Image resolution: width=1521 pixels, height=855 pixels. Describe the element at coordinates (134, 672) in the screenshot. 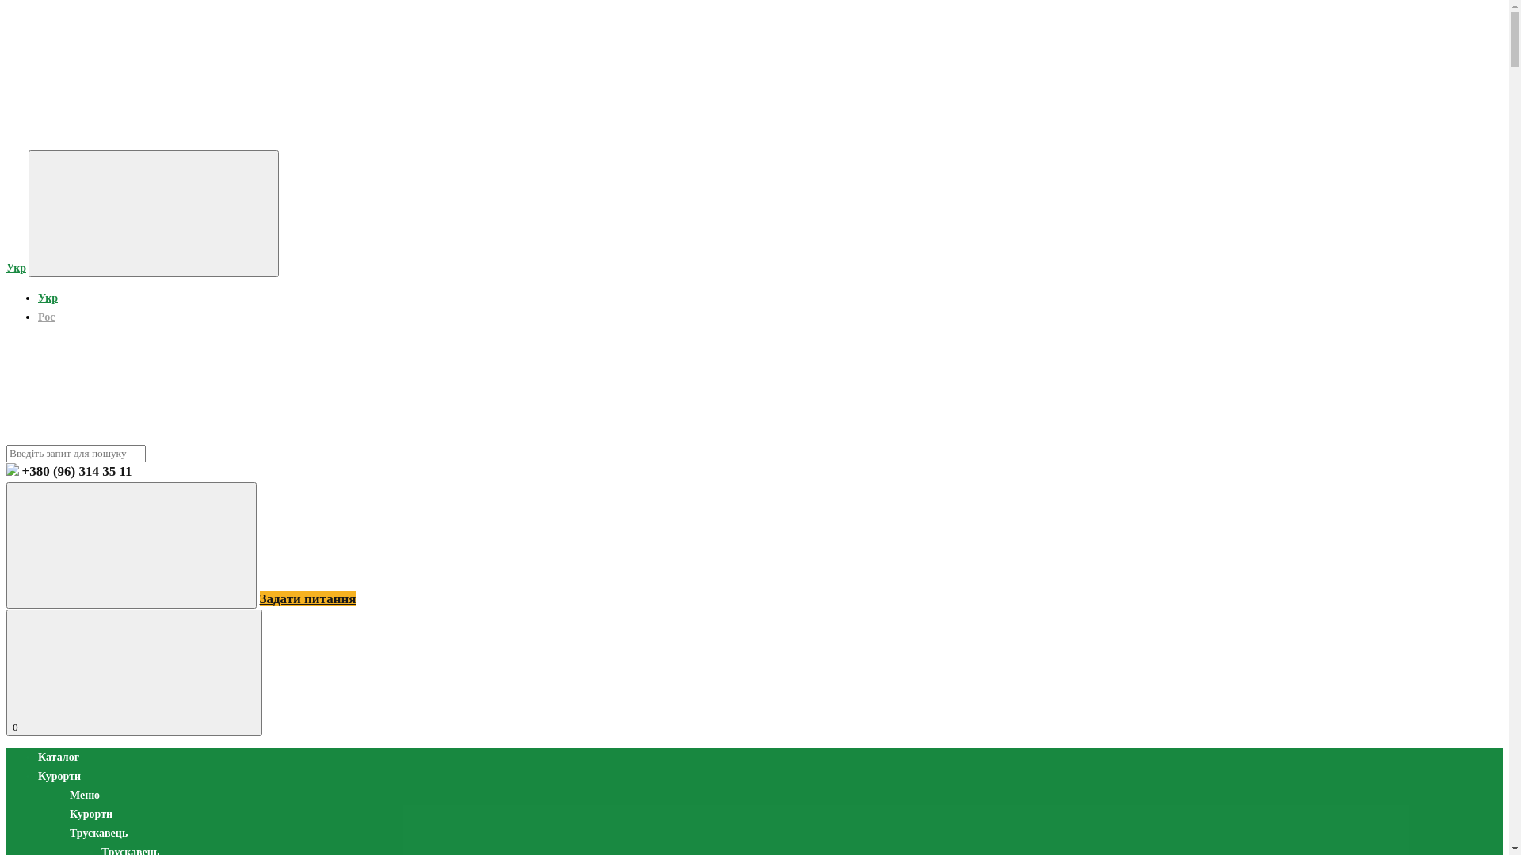

I see `'0'` at that location.